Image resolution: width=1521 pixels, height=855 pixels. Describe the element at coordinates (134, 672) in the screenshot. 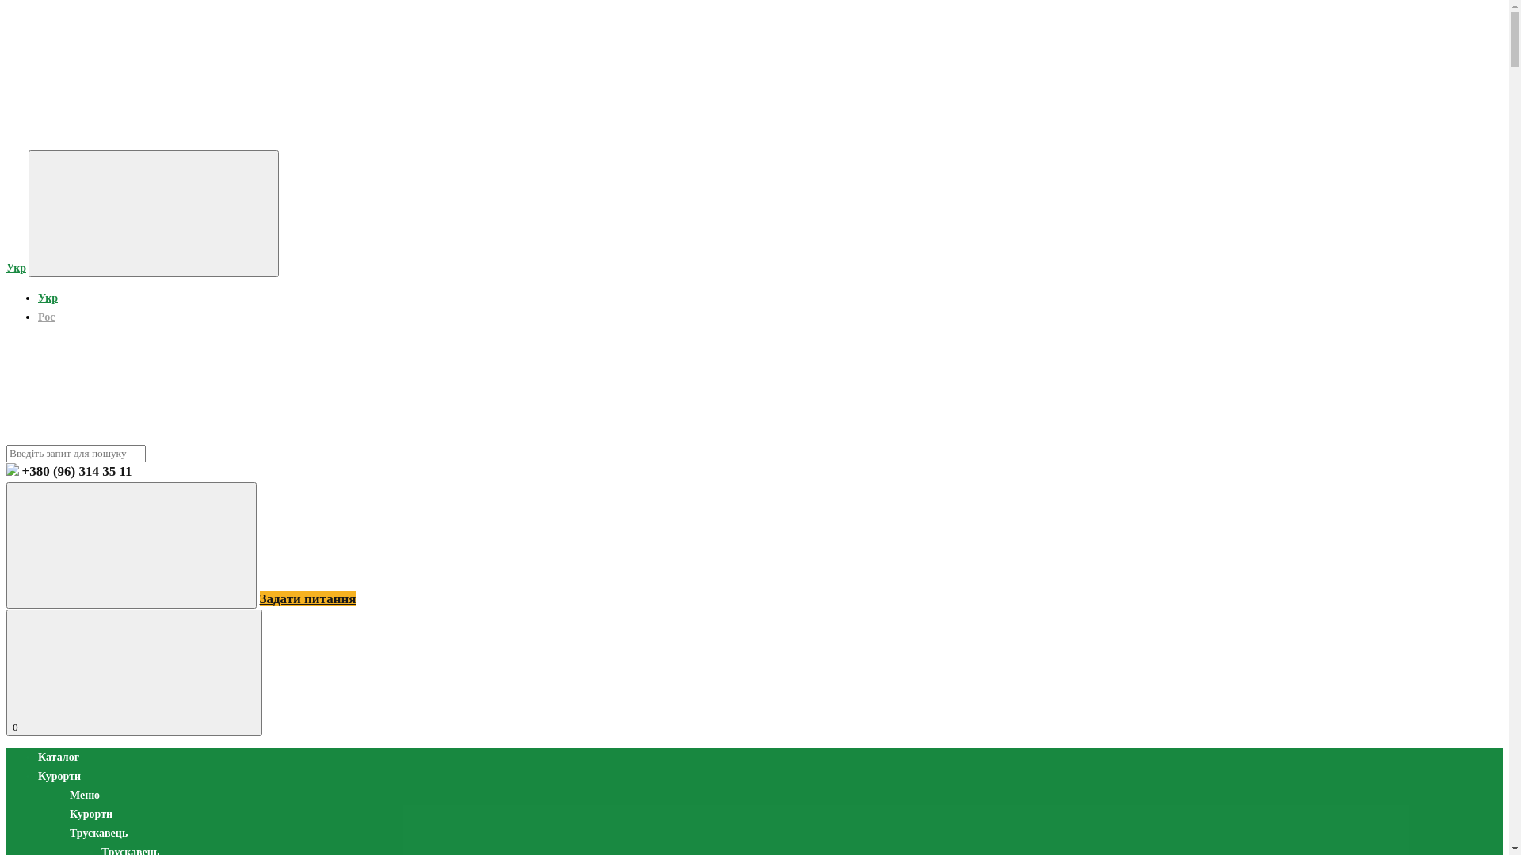

I see `'0'` at that location.